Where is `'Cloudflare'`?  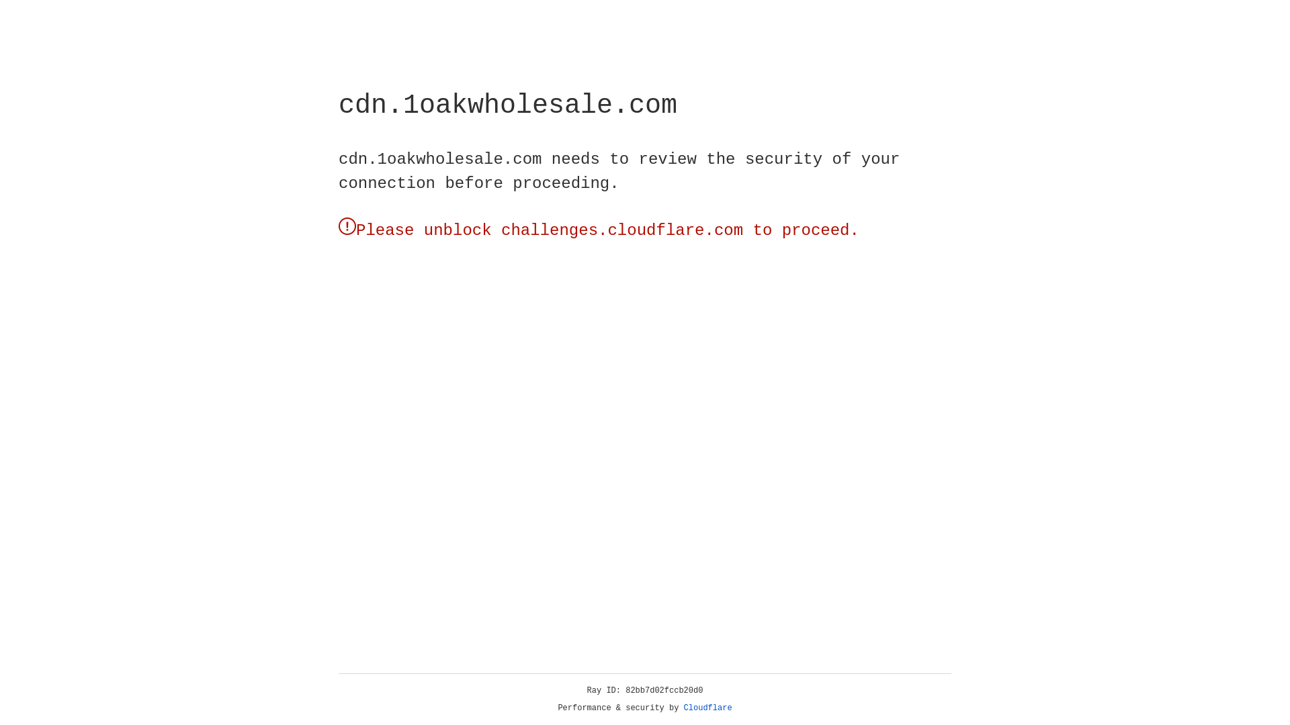 'Cloudflare' is located at coordinates (683, 708).